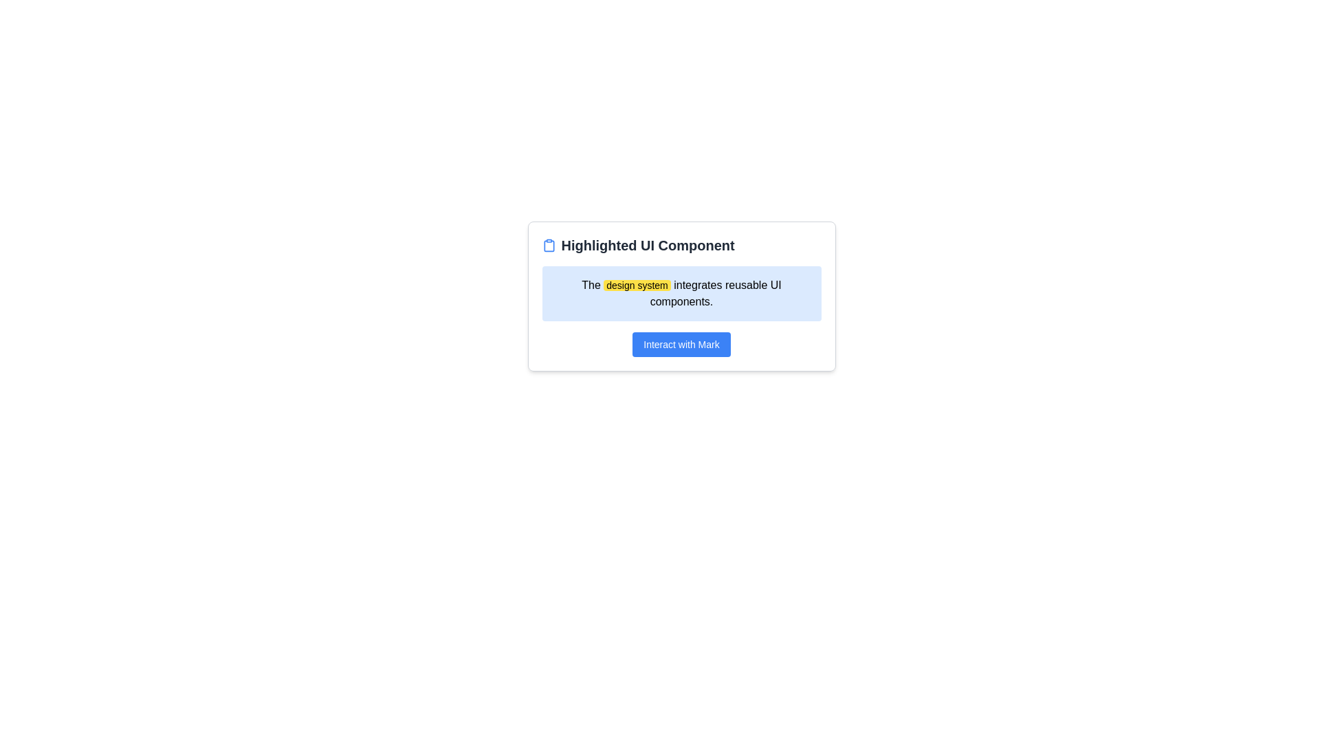 The width and height of the screenshot is (1320, 743). I want to click on the heading text element that serves as a label for the content beneath it, positioned to the right of a blue clipboard icon, so click(647, 245).